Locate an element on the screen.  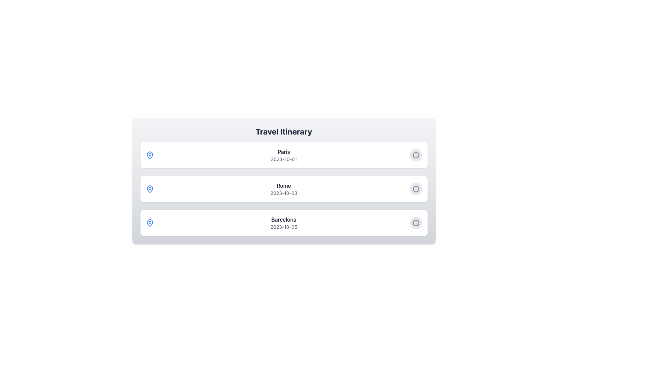
the 'Travel Itinerary' heading, which is prominently displayed in a large, bold font at the top of the content area, serving as a title for the itinerary items below is located at coordinates (284, 131).